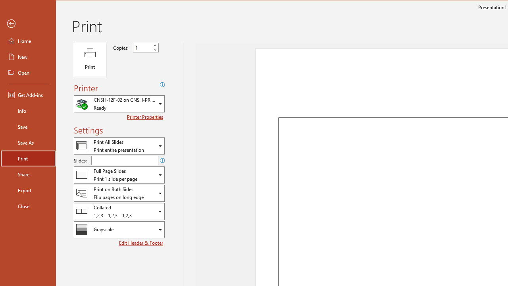  Describe the element at coordinates (146, 47) in the screenshot. I see `'Copies'` at that location.